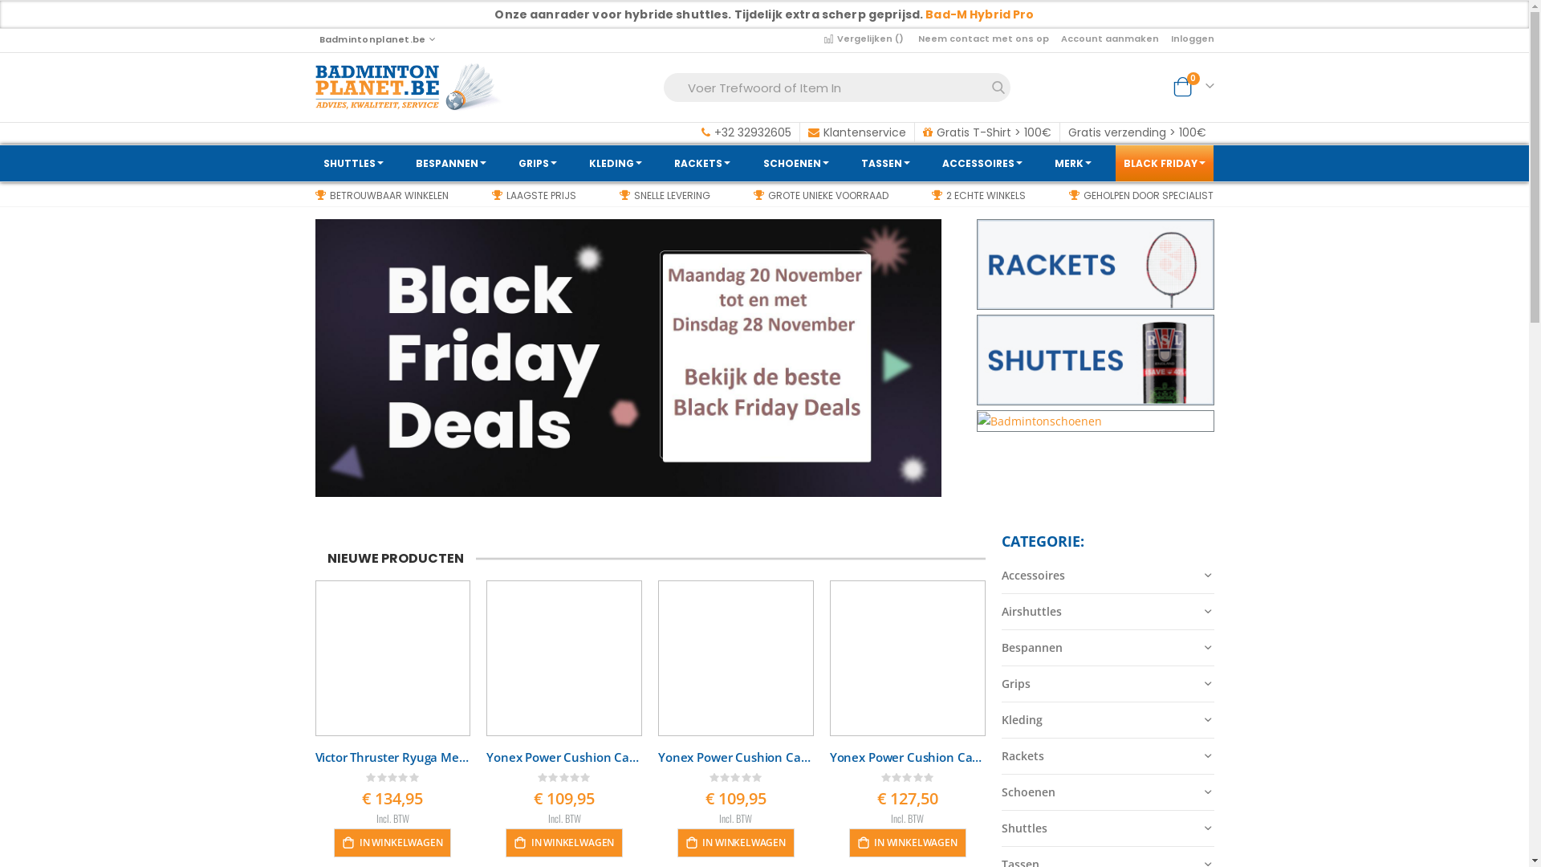 The width and height of the screenshot is (1541, 867). I want to click on 'Vergelijken ()', so click(864, 37).